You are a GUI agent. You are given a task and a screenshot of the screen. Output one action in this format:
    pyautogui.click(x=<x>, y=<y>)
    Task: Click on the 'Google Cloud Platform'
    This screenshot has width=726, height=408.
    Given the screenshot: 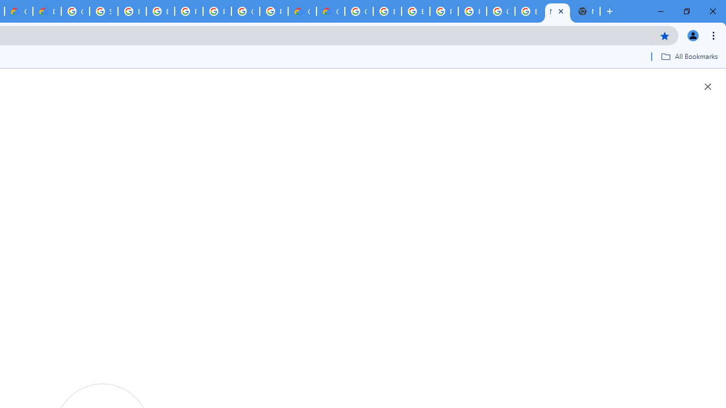 What is the action you would take?
    pyautogui.click(x=245, y=11)
    